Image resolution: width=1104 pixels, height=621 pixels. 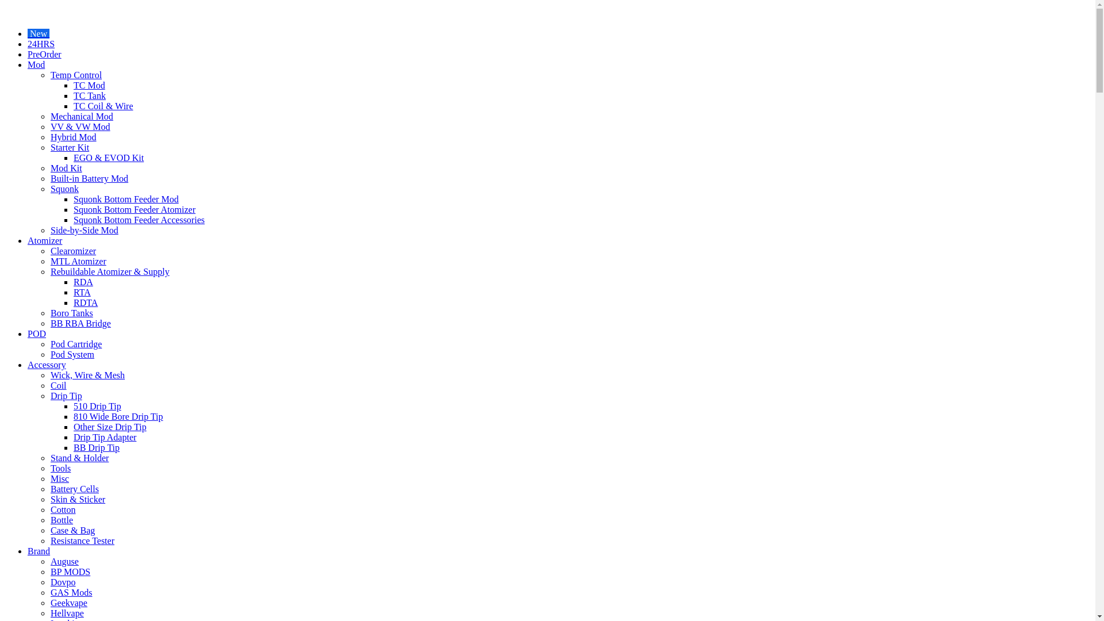 I want to click on 'Dovpo', so click(x=63, y=582).